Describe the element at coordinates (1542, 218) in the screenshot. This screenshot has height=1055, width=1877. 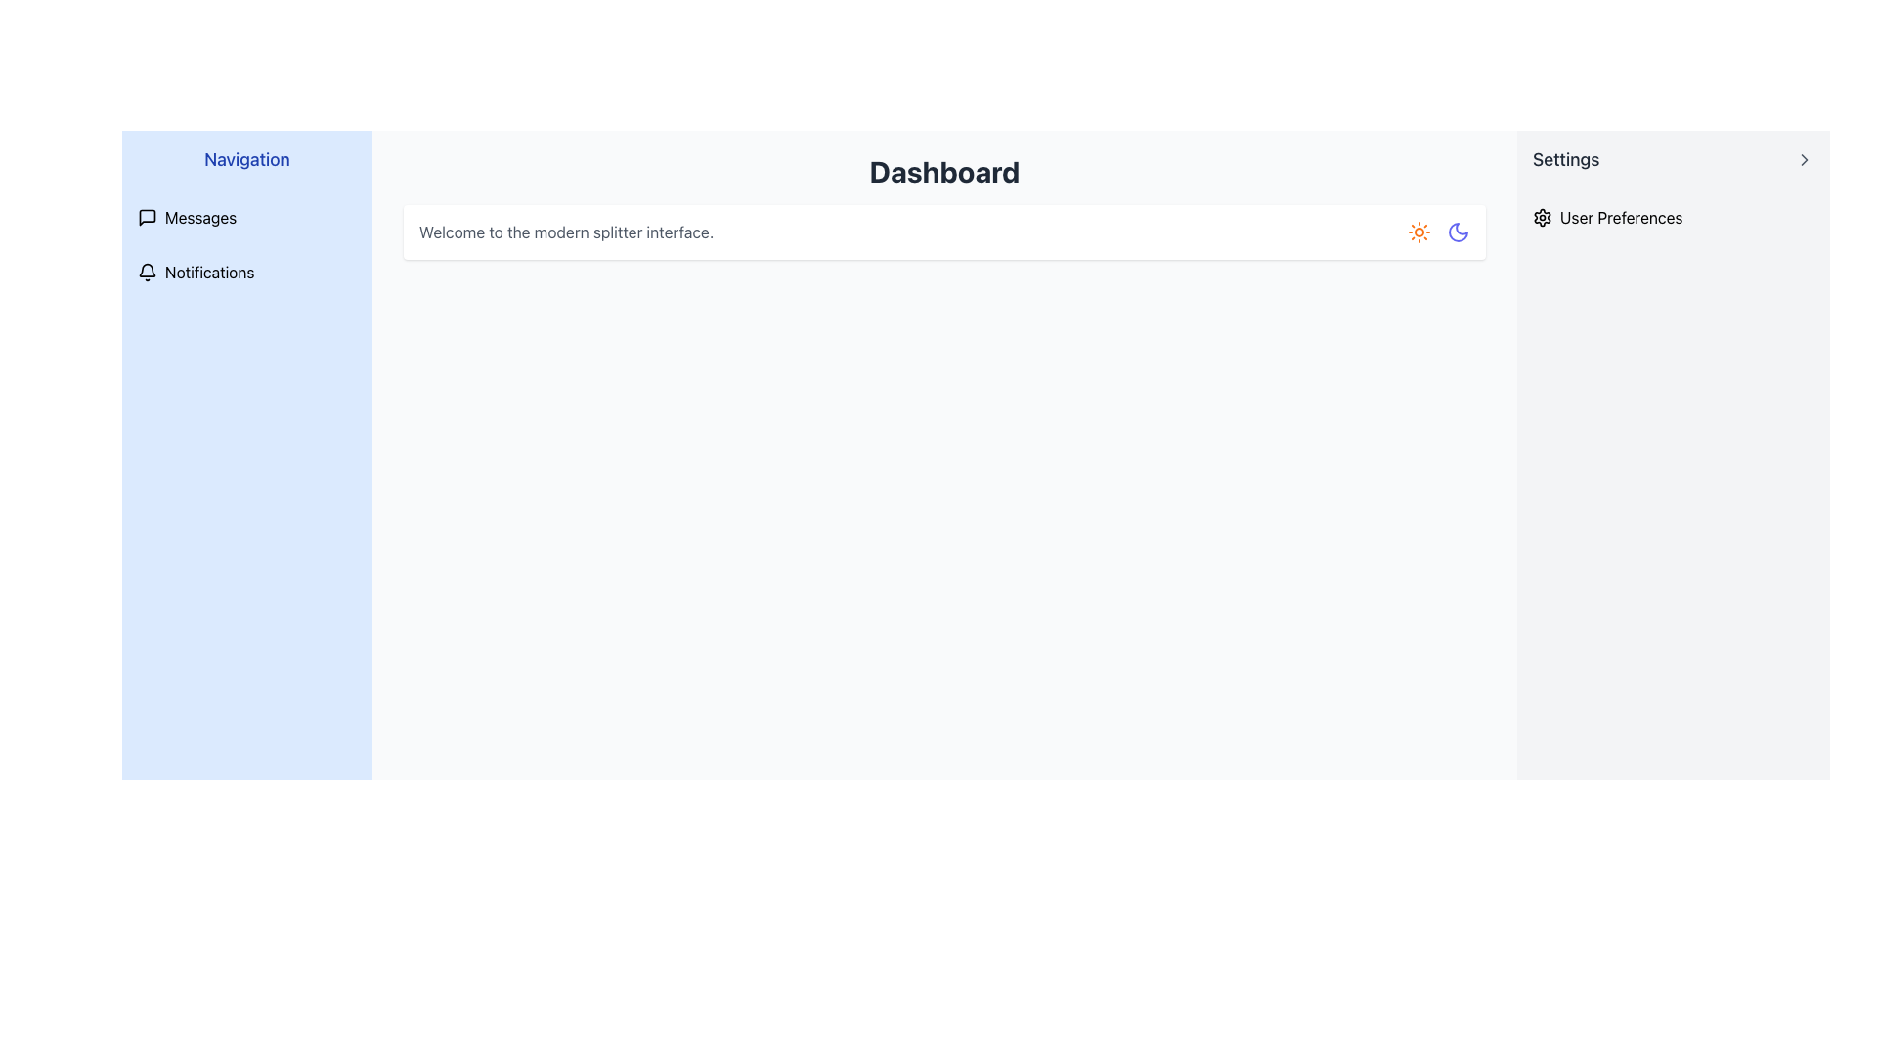
I see `the outermost component of the settings gear icon located in the top-right corner of the user interface` at that location.